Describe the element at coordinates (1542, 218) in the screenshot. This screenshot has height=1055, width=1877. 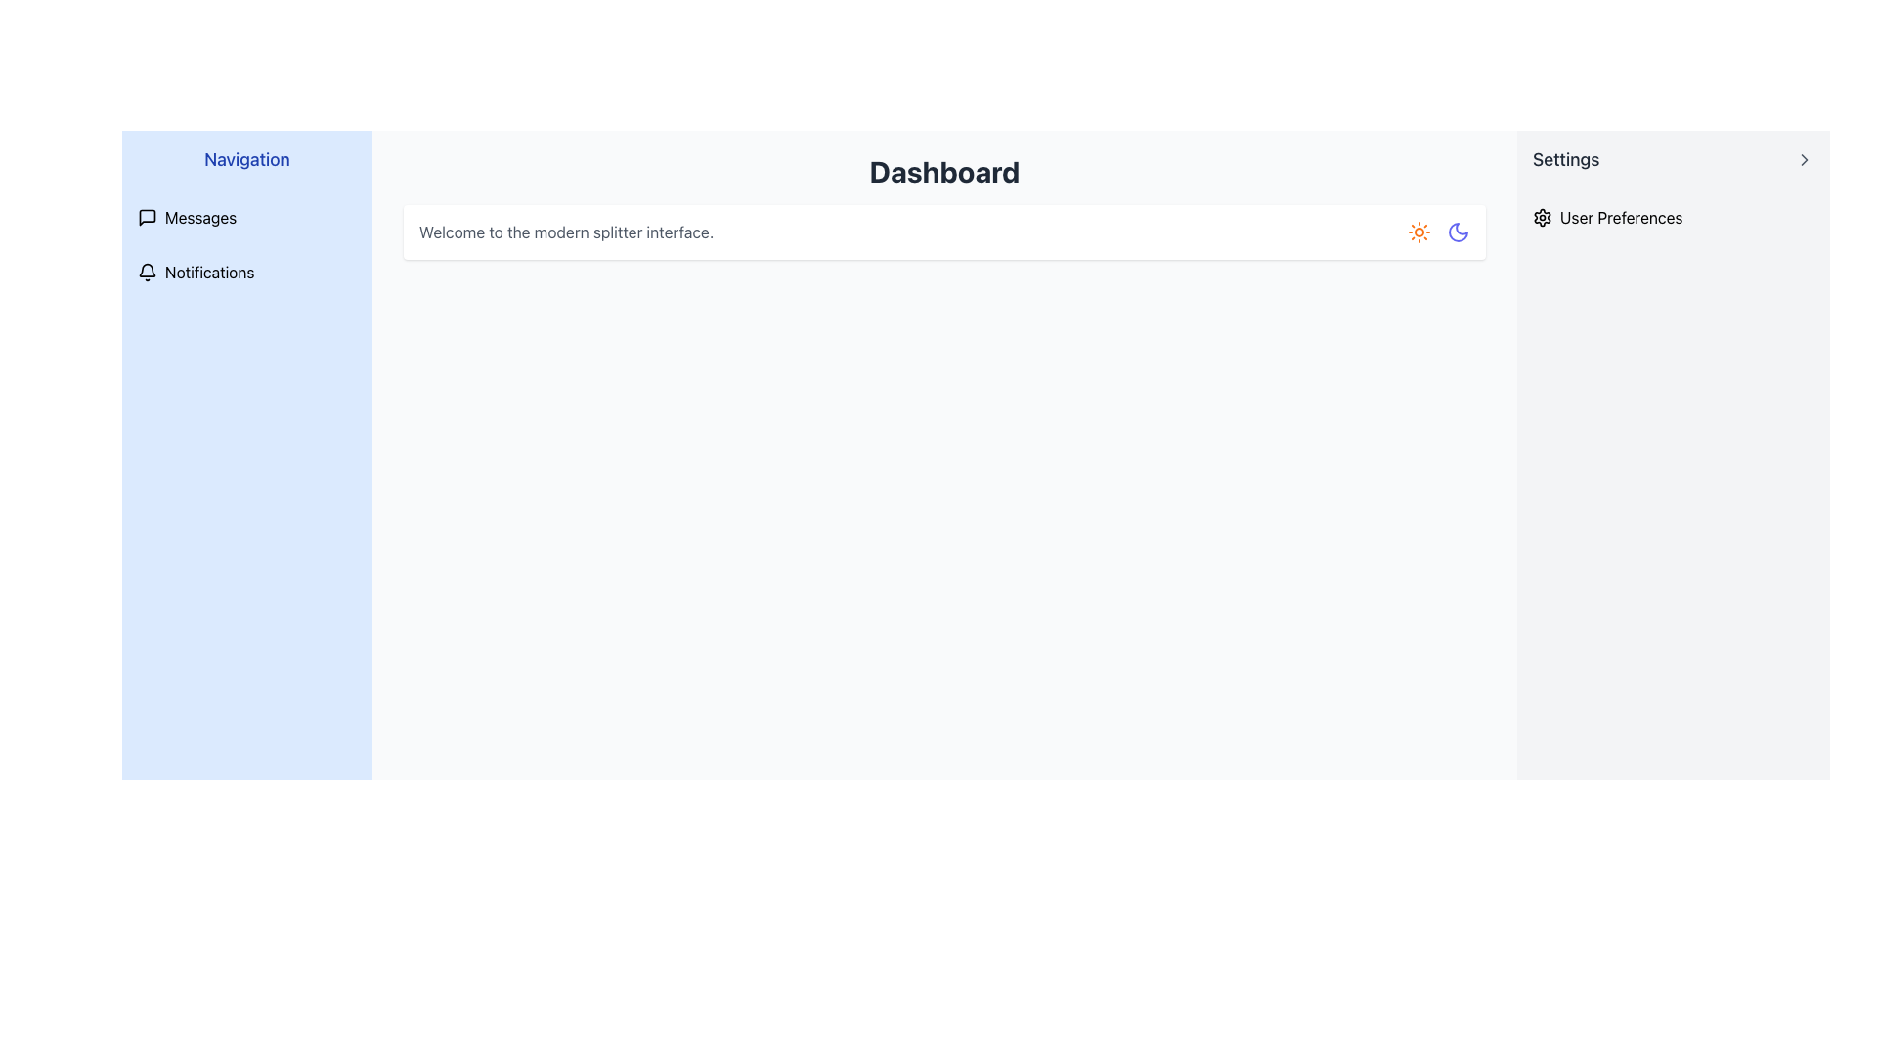
I see `the outermost component of the settings gear icon located in the top-right corner of the user interface` at that location.